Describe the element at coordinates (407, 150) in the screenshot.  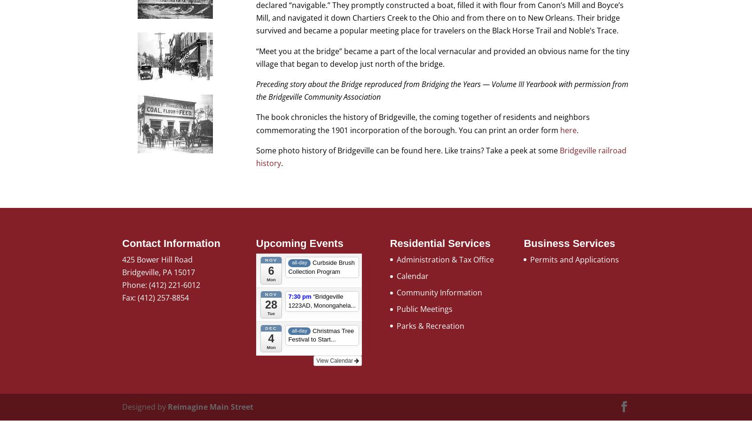
I see `'Some photo history of Bridgeville can be found here. Like trains? Take a peek at some'` at that location.